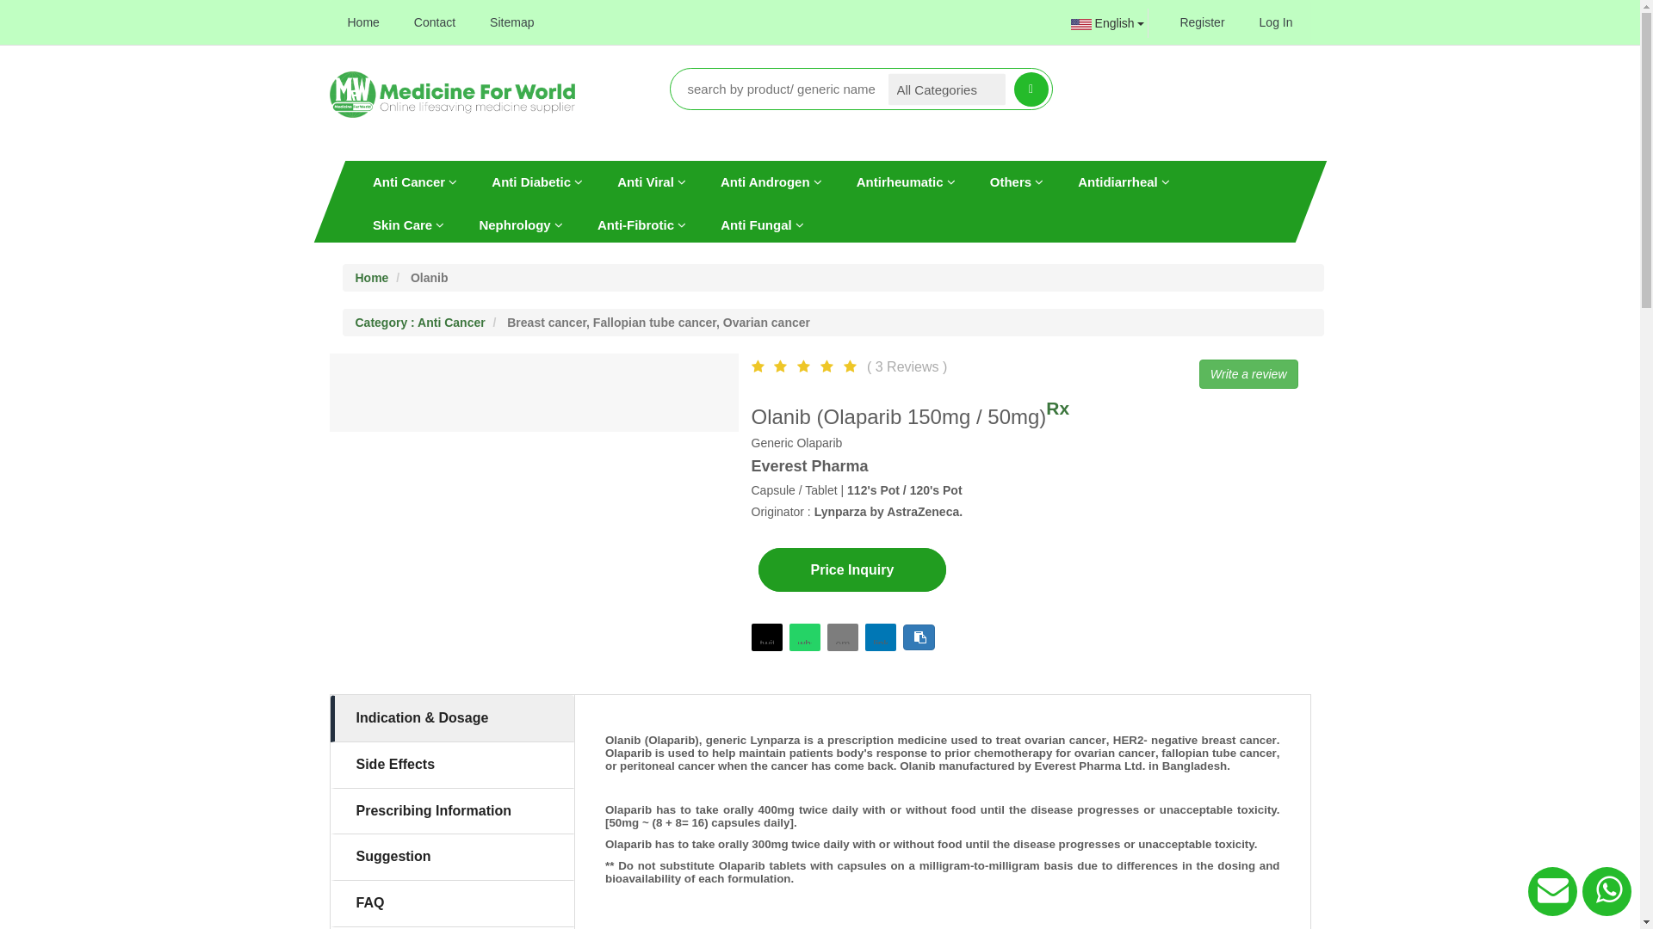  Describe the element at coordinates (703, 224) in the screenshot. I see `'Anti Fungal'` at that location.